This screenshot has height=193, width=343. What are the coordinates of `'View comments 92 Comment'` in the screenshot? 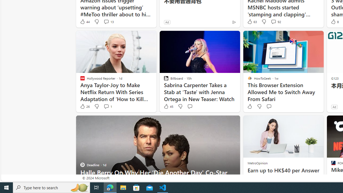 It's located at (276, 21).